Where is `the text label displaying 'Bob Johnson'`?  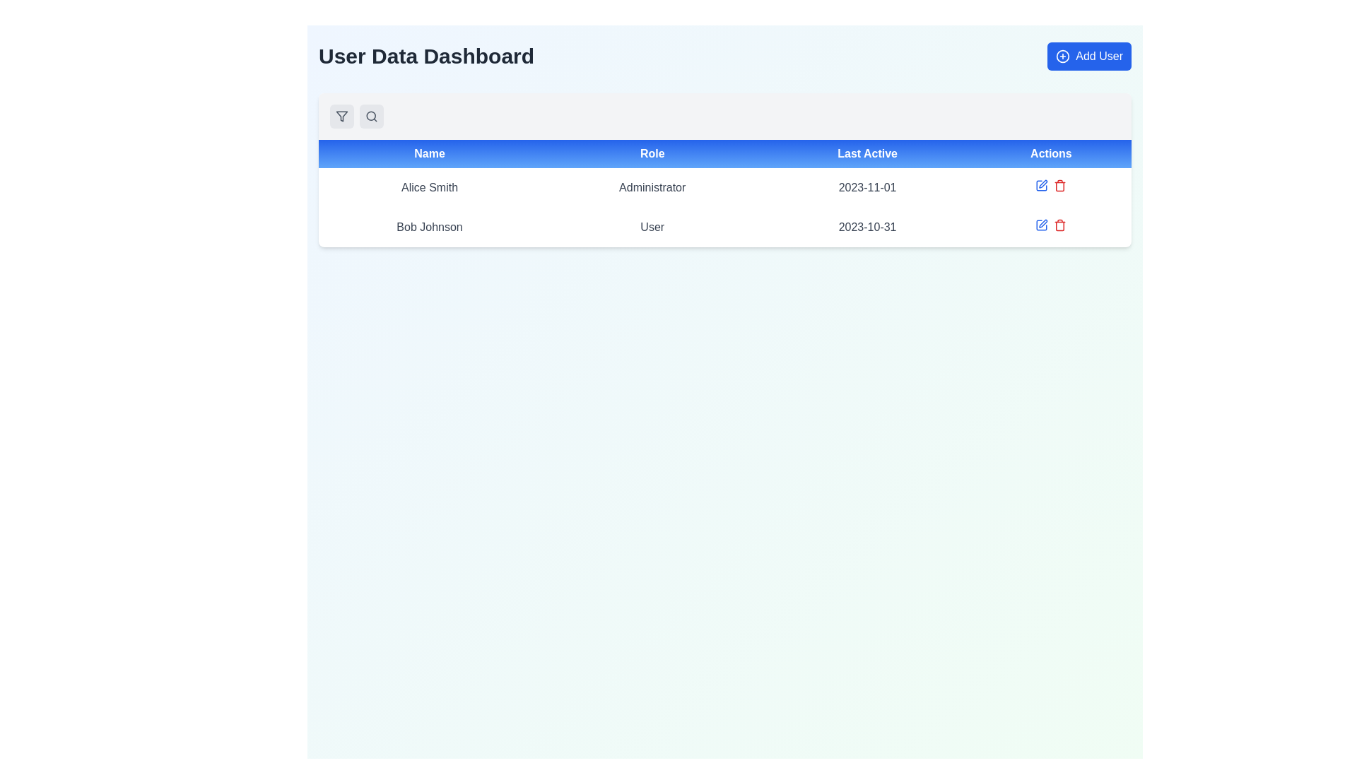
the text label displaying 'Bob Johnson' is located at coordinates (429, 226).